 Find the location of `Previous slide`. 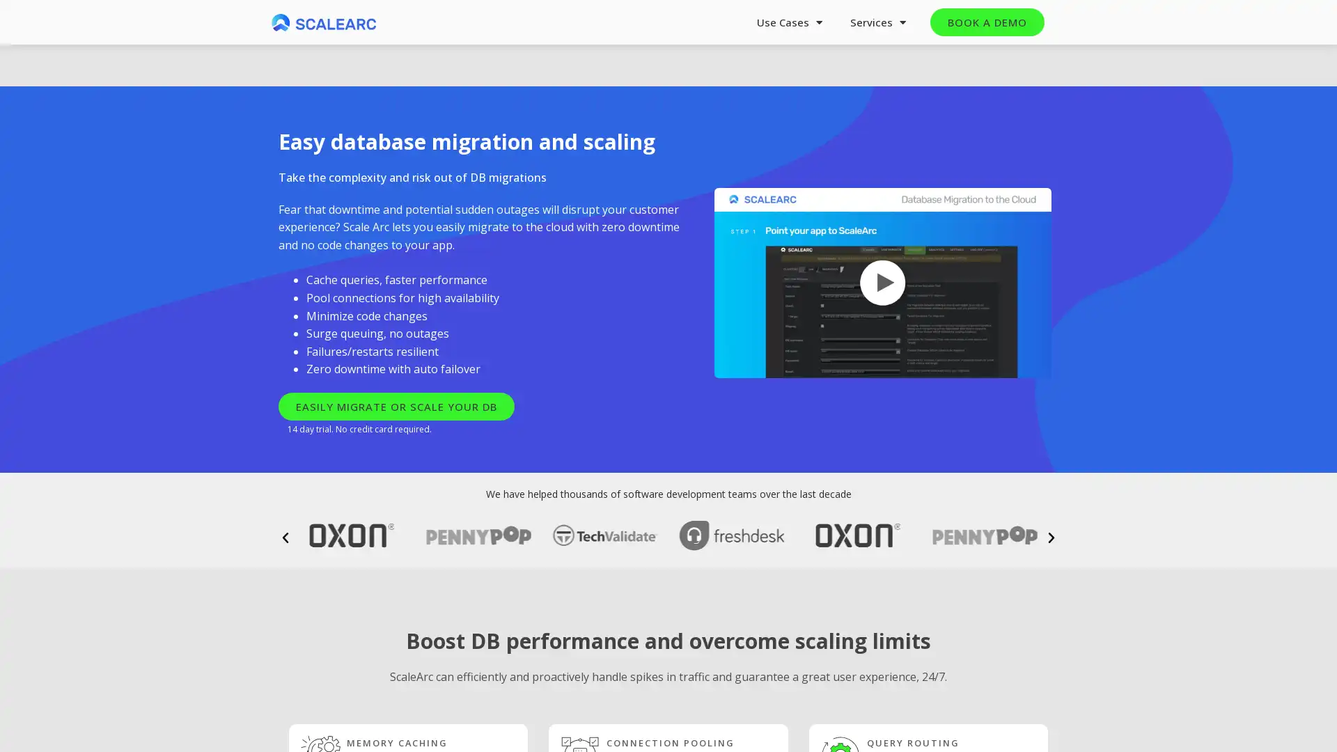

Previous slide is located at coordinates (284, 537).